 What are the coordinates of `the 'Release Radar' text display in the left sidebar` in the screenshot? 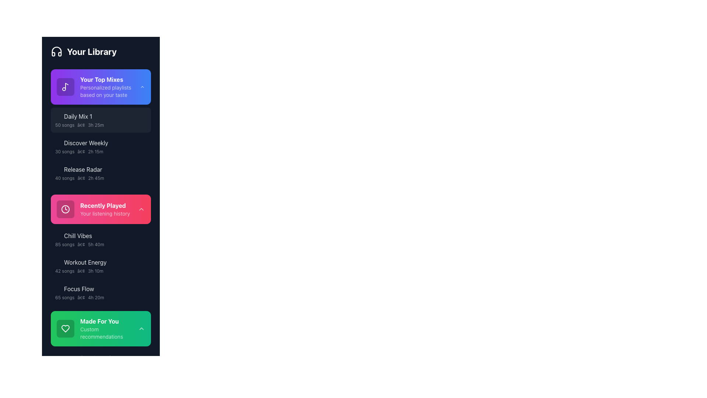 It's located at (97, 169).